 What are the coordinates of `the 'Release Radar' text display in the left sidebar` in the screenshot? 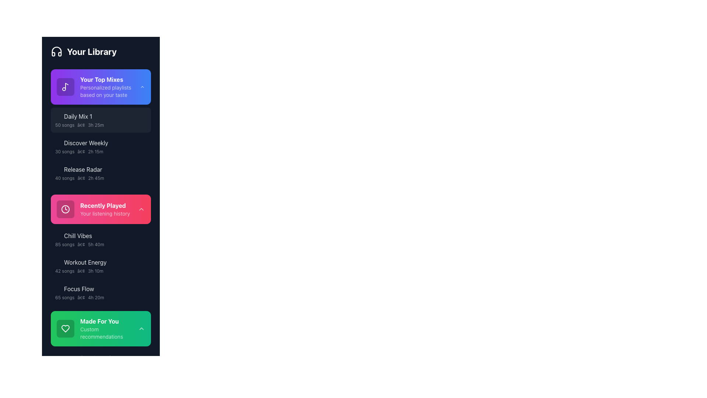 It's located at (97, 169).